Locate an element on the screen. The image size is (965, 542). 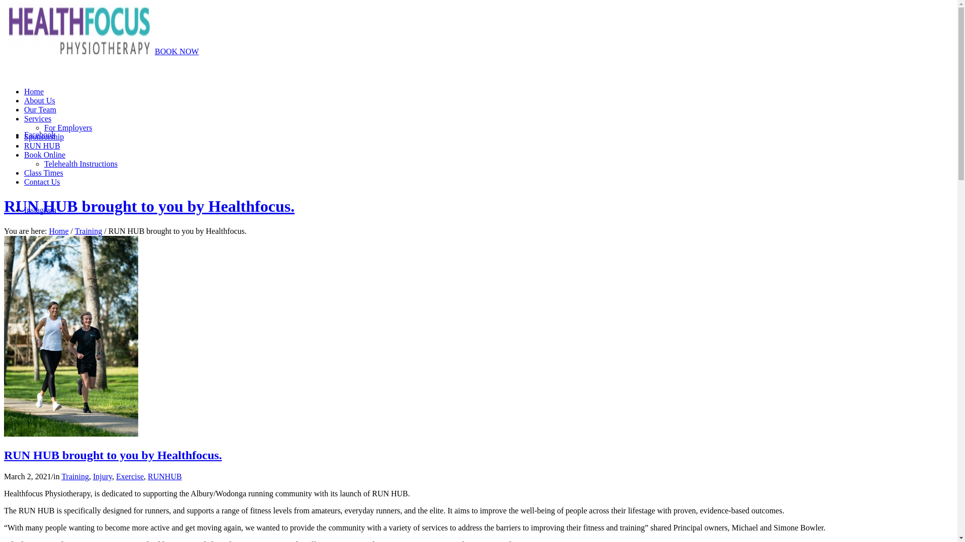
'Book Online' is located at coordinates (44, 155).